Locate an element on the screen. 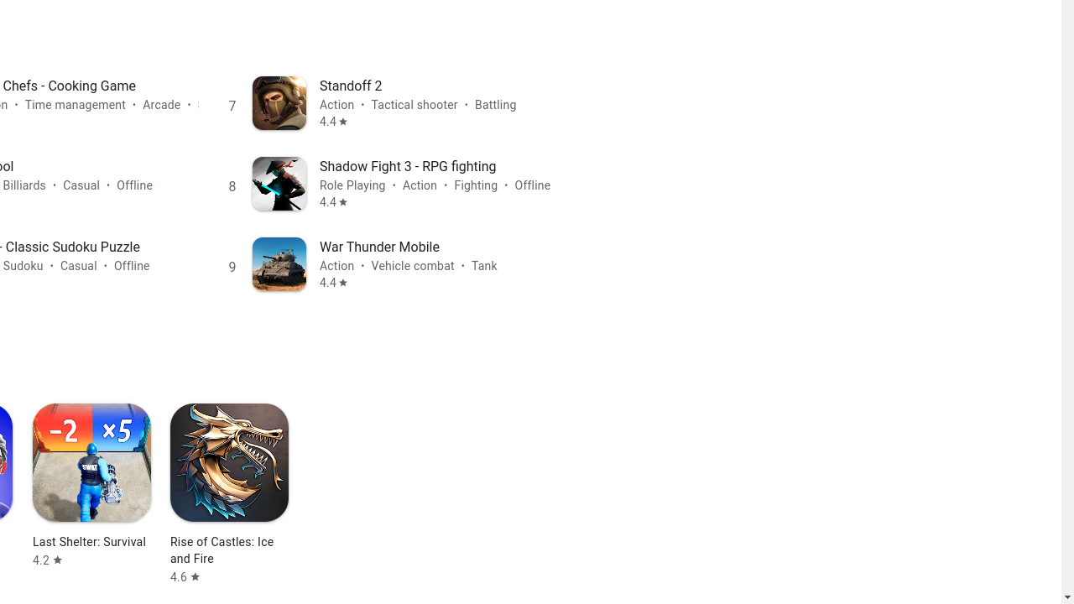  'Rank 8 Shadow Fight 3 - RPG fighting Role Playing • Action • Fighting • Offline Rated 4.4 stars out of five stars' is located at coordinates (392, 183).